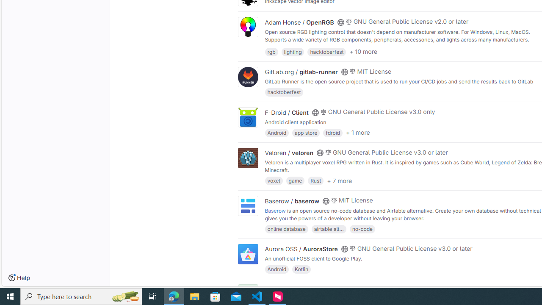  I want to click on 'Adam Honse / OpenRGB', so click(299, 22).